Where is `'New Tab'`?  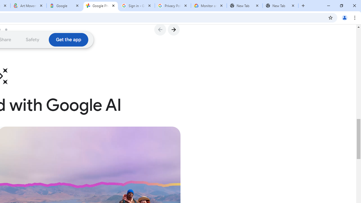 'New Tab' is located at coordinates (280, 6).